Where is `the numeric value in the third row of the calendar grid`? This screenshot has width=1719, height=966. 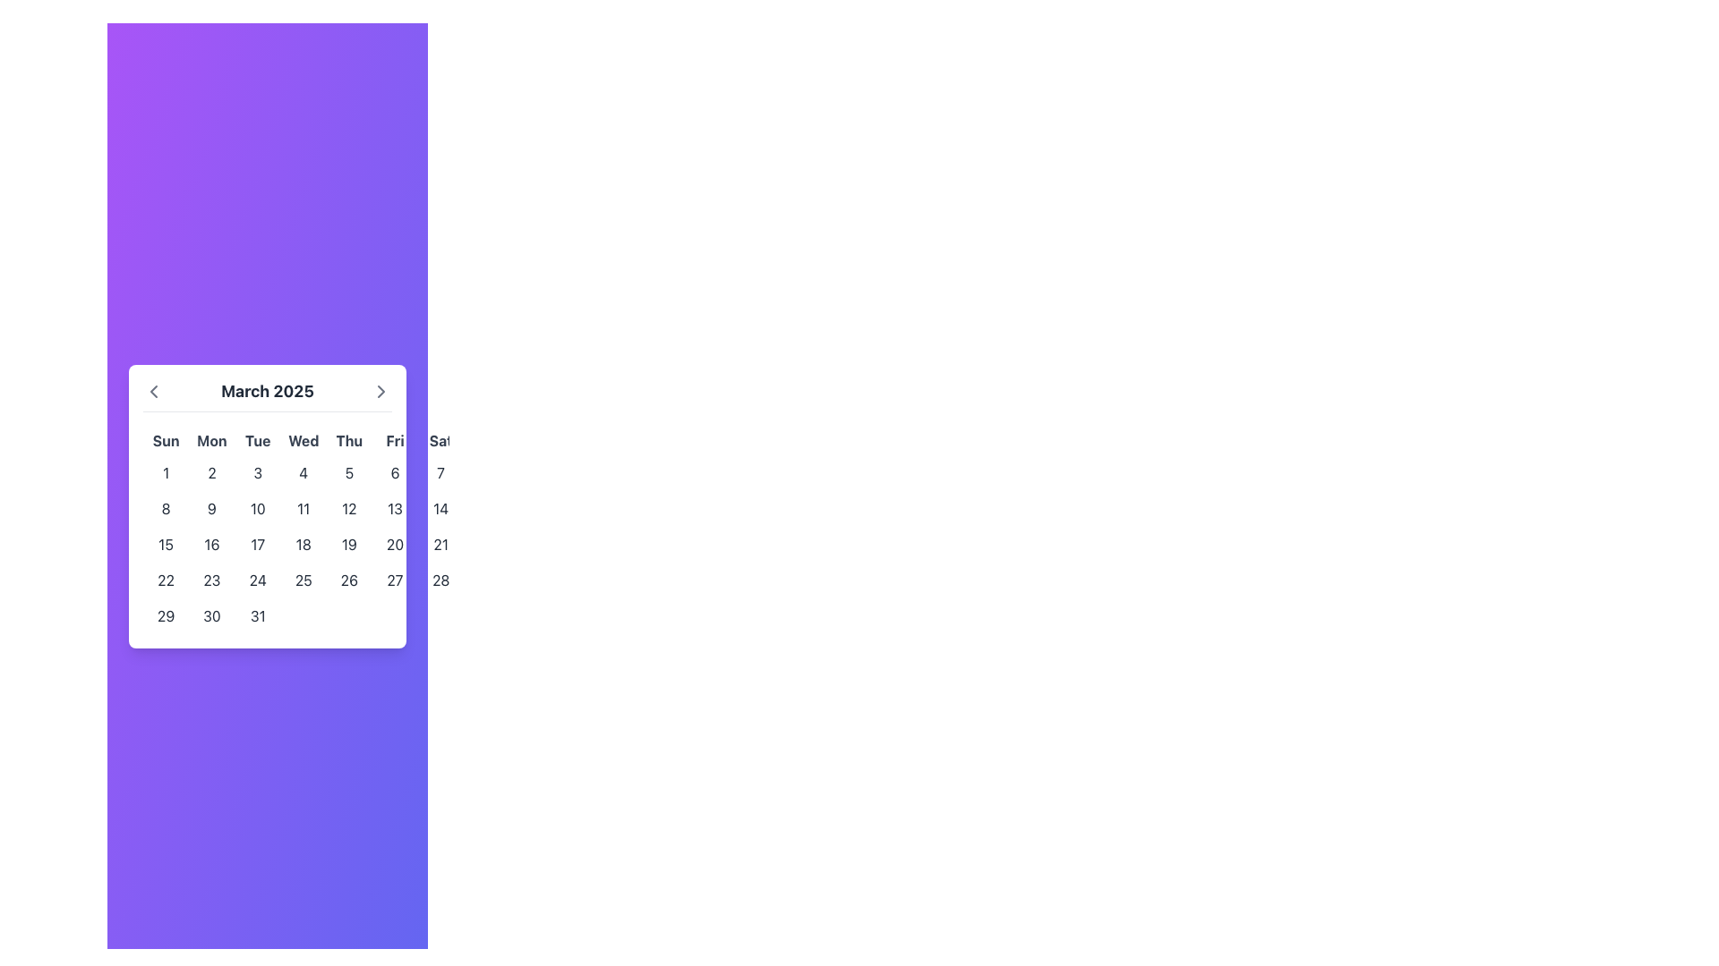 the numeric value in the third row of the calendar grid is located at coordinates (304, 543).